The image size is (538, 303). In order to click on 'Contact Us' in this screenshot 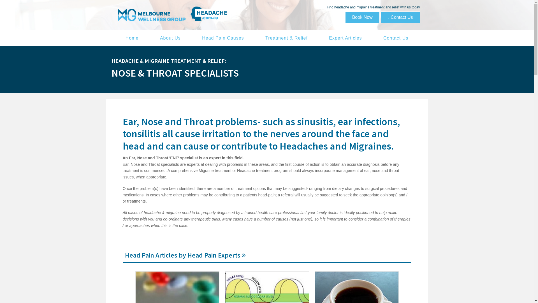, I will do `click(400, 17)`.